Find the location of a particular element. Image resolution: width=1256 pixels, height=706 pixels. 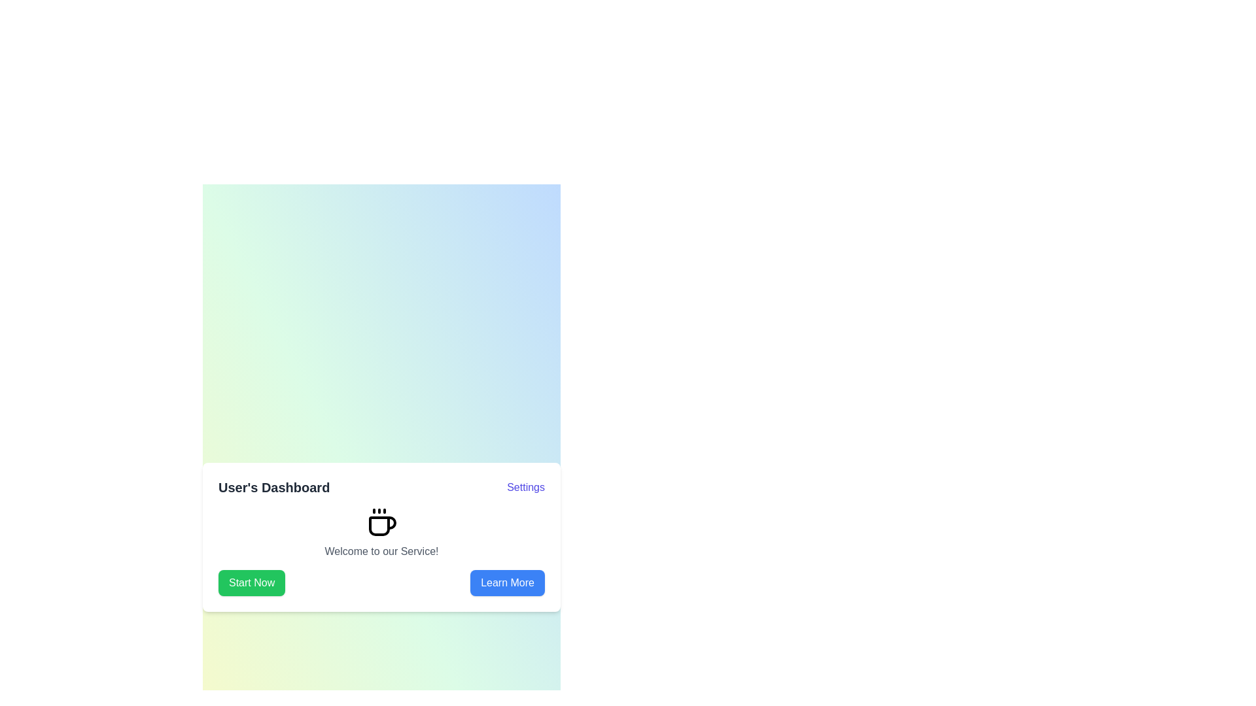

the non-interactive heading or title element that indicates the current section of the dashboard interface is located at coordinates (273, 487).